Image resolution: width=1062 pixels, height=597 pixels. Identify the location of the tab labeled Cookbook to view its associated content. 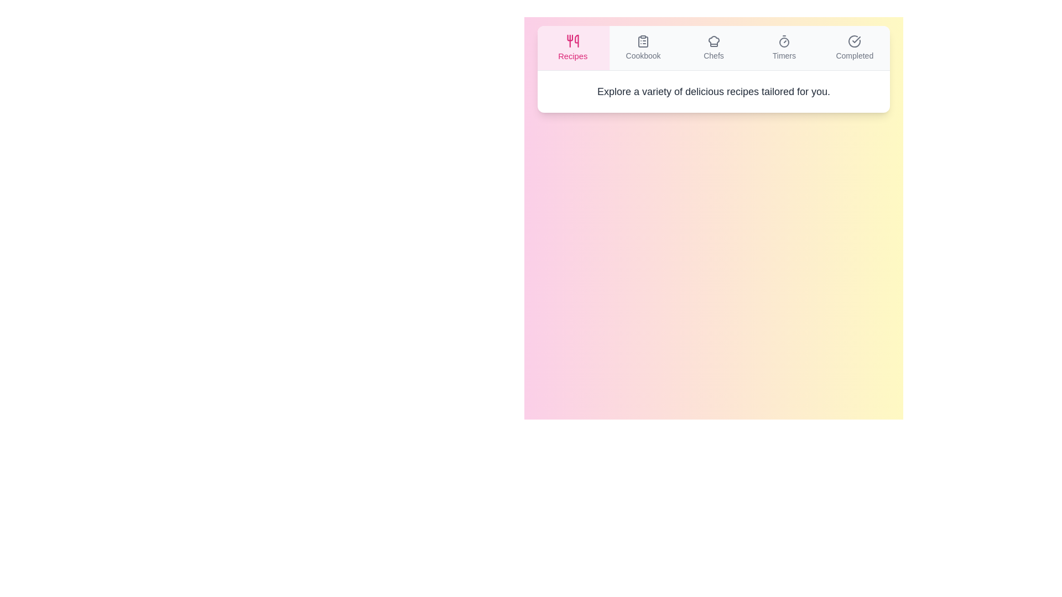
(643, 48).